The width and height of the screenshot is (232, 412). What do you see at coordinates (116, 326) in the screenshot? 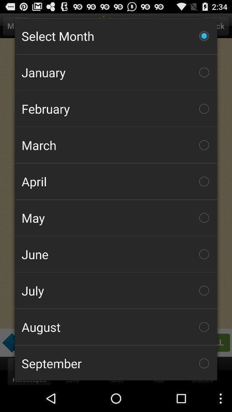
I see `the icon below july item` at bounding box center [116, 326].